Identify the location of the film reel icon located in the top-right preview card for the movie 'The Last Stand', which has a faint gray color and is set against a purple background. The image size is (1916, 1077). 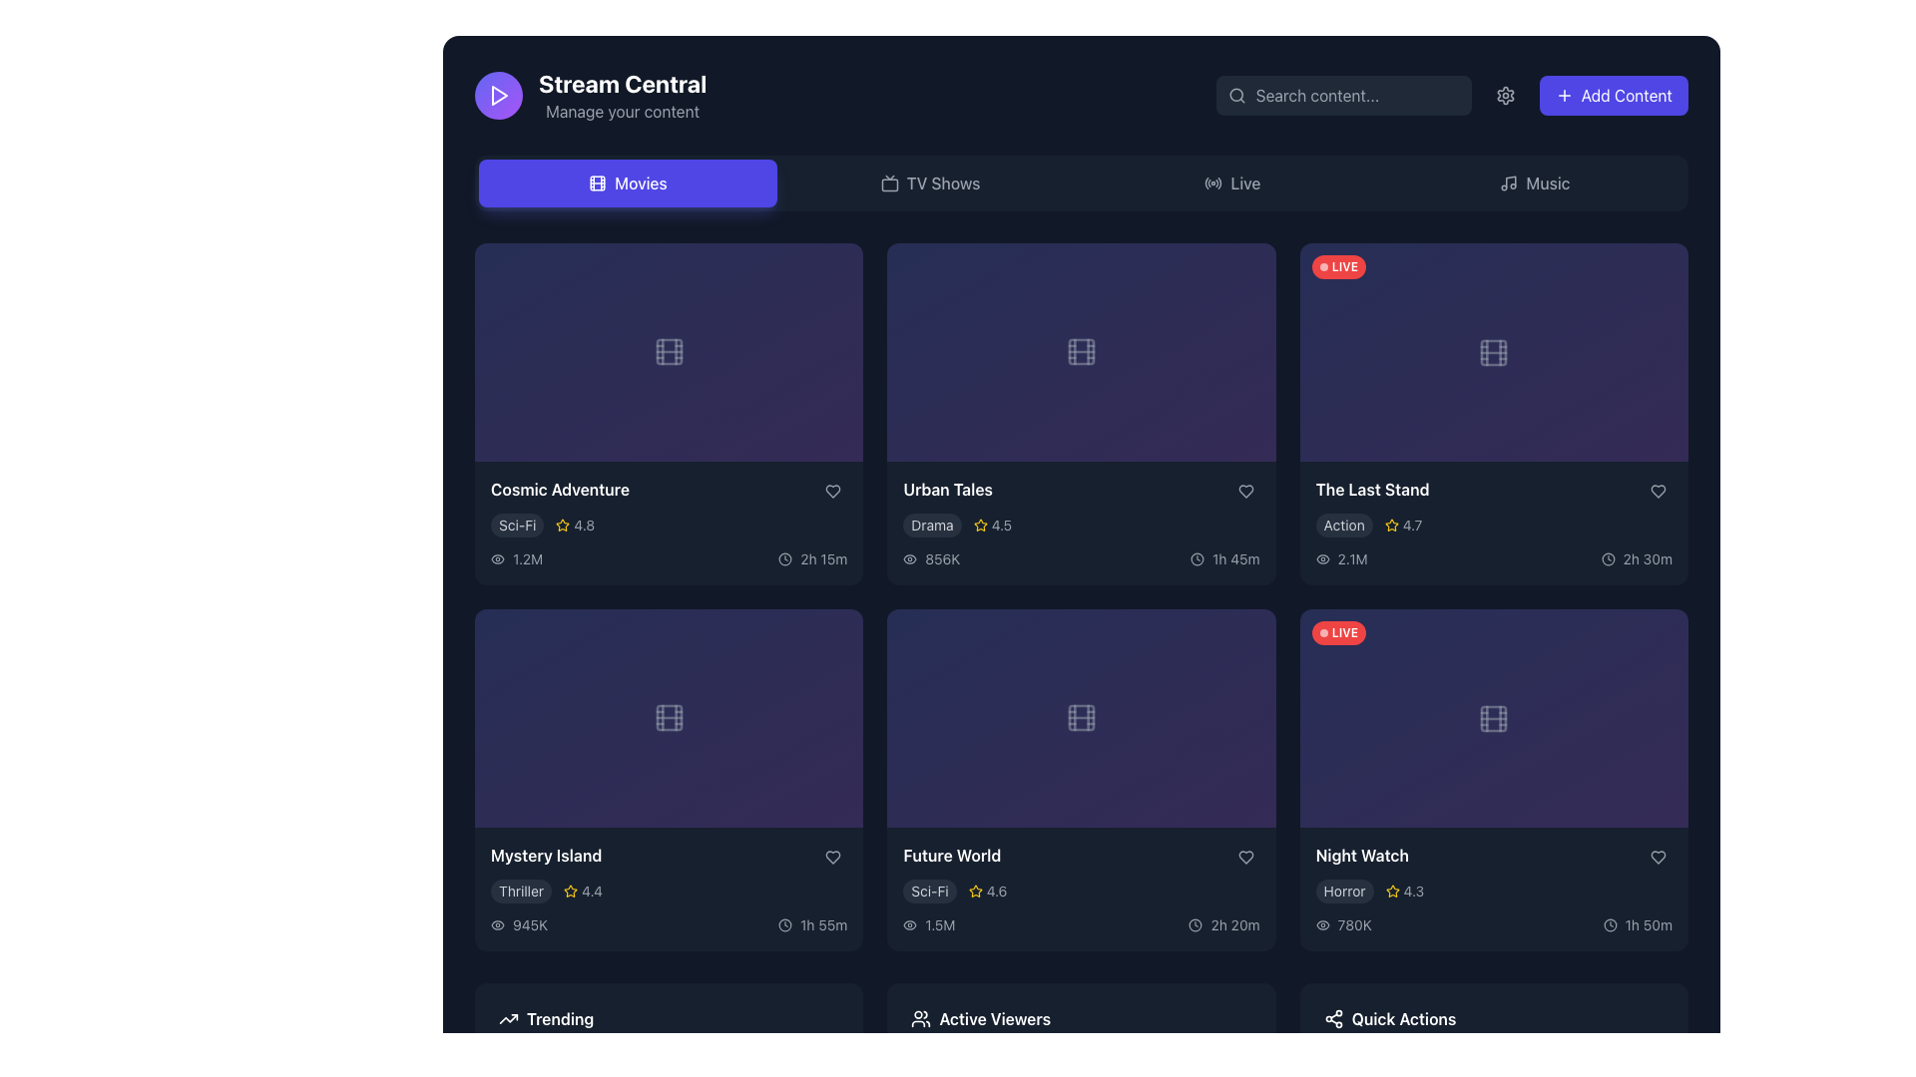
(1494, 351).